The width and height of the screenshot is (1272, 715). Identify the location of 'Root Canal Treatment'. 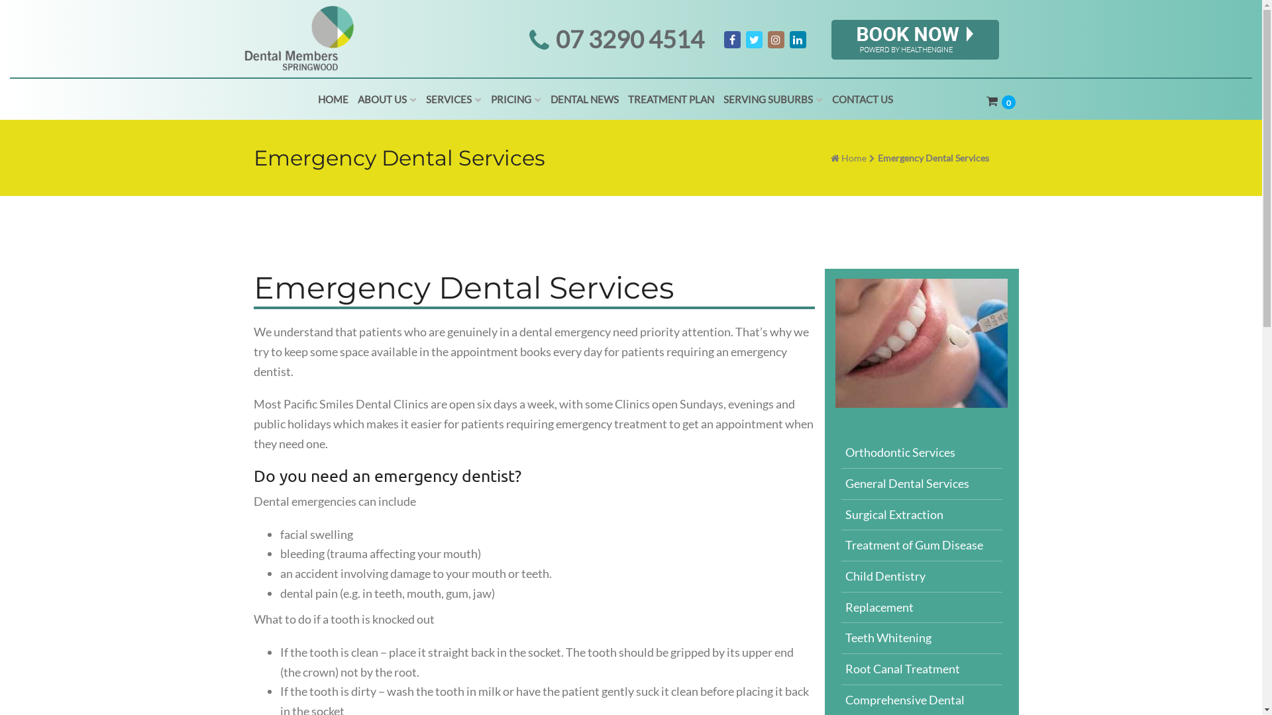
(921, 669).